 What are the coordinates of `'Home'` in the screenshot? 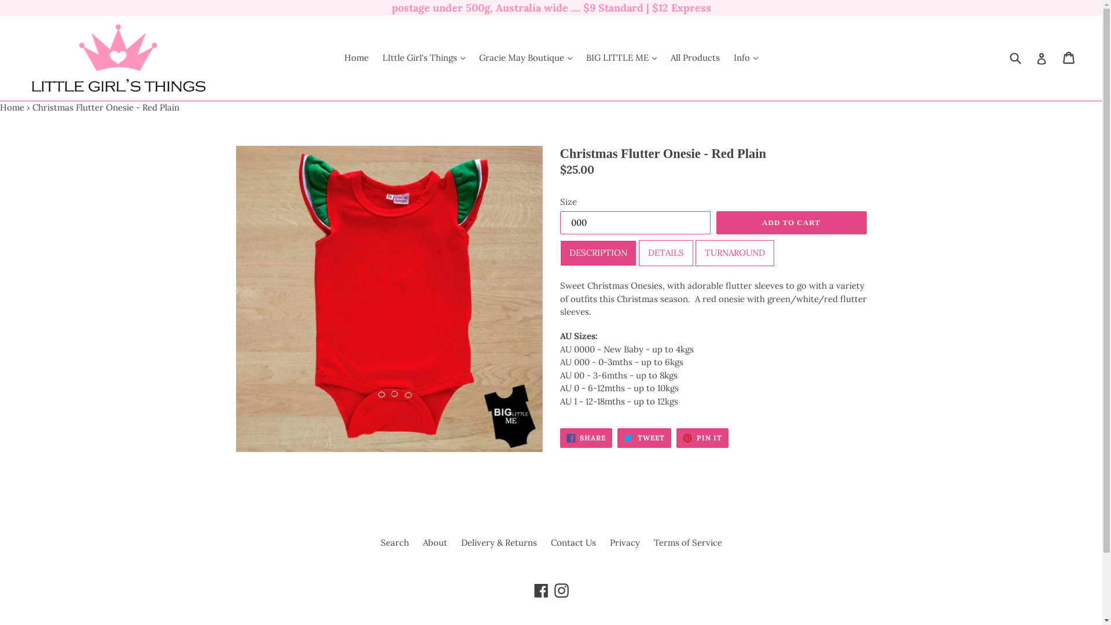 It's located at (338, 58).